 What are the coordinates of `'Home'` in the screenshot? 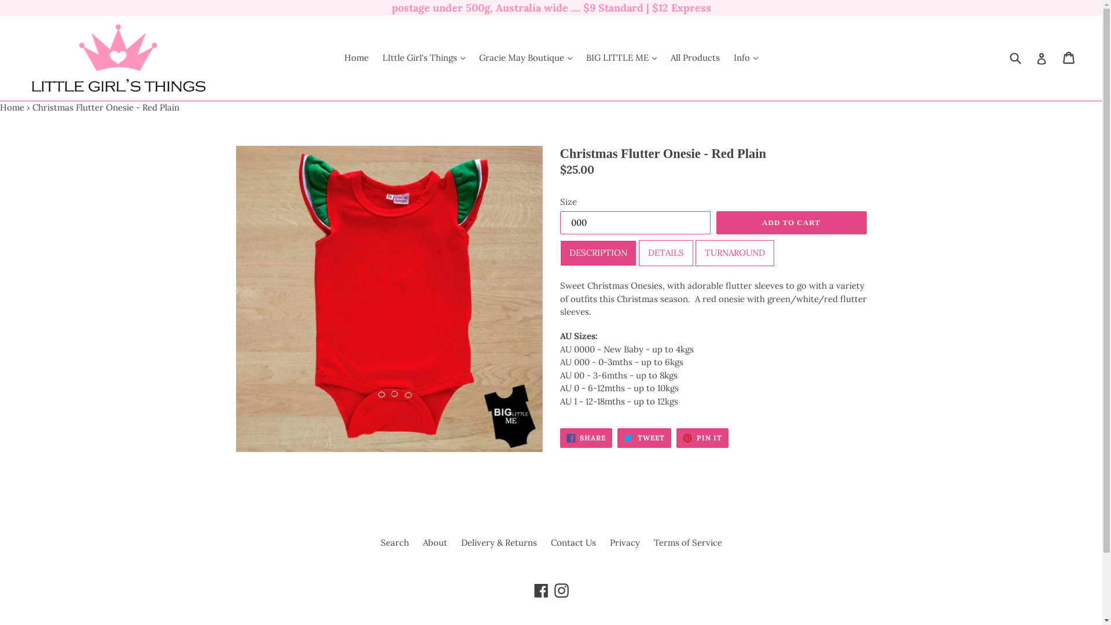 It's located at (338, 58).